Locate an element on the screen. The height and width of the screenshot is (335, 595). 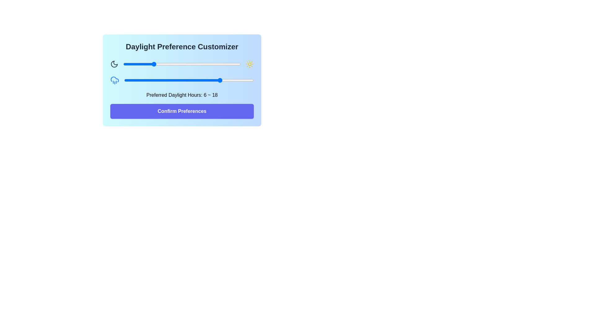
the daylight preference is located at coordinates (201, 64).